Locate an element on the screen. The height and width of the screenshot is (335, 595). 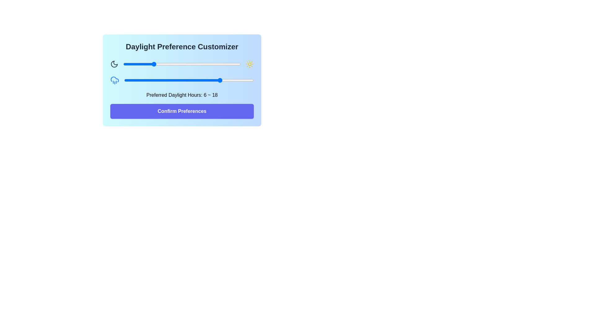
the daylight preference is located at coordinates (201, 64).